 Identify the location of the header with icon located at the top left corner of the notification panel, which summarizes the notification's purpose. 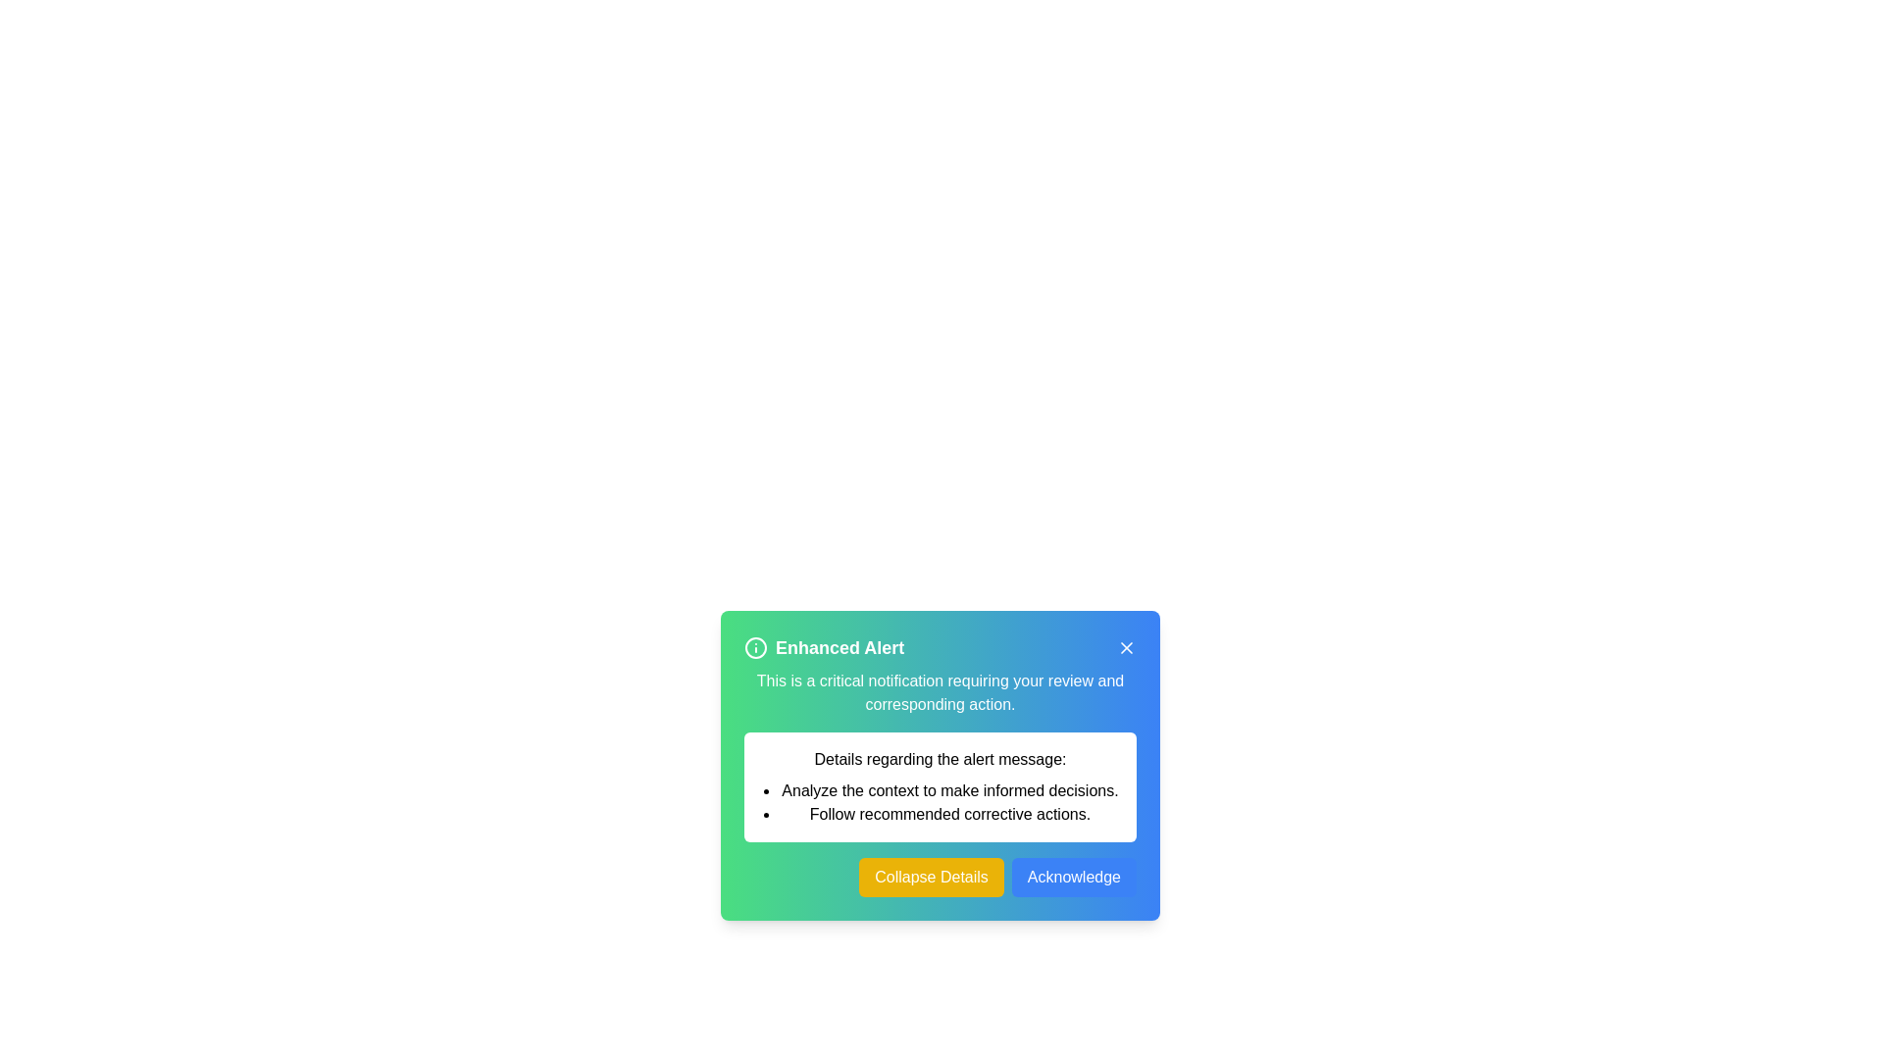
(824, 647).